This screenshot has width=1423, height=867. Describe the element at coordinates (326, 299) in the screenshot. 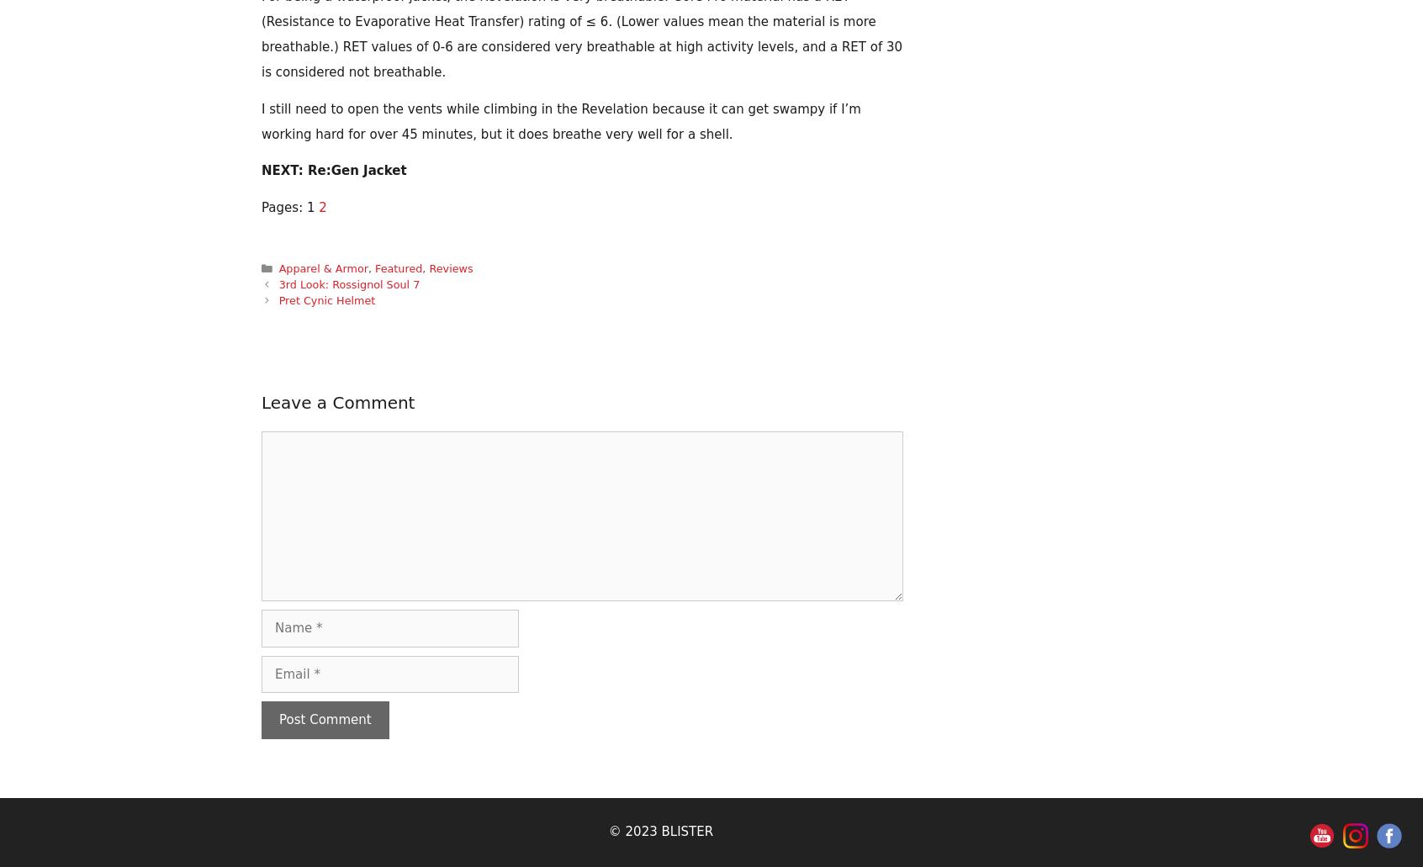

I see `'Pret Cynic Helmet'` at that location.